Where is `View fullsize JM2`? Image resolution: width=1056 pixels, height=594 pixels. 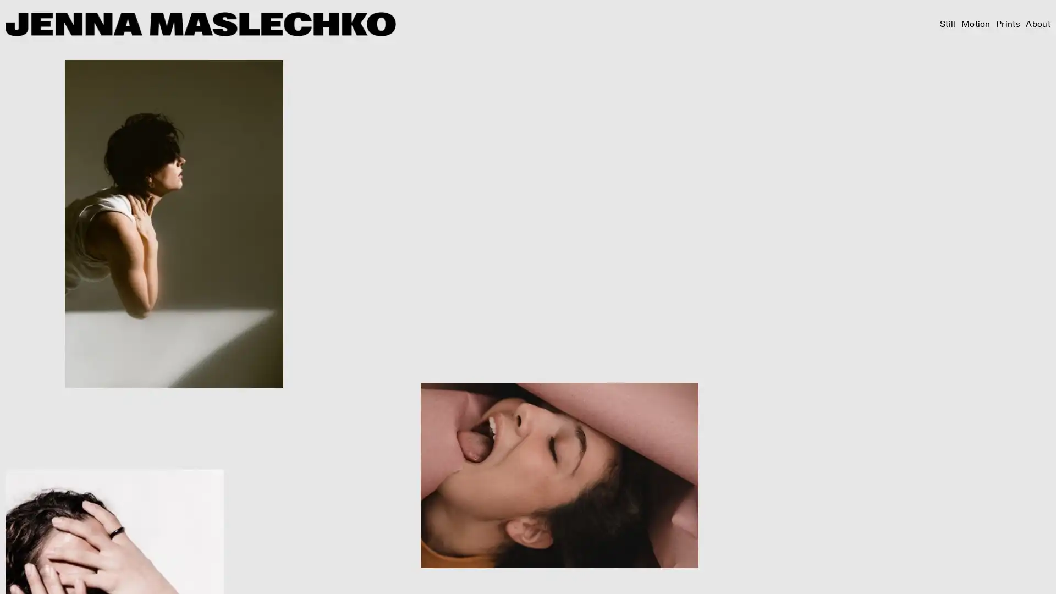 View fullsize JM2 is located at coordinates (559, 474).